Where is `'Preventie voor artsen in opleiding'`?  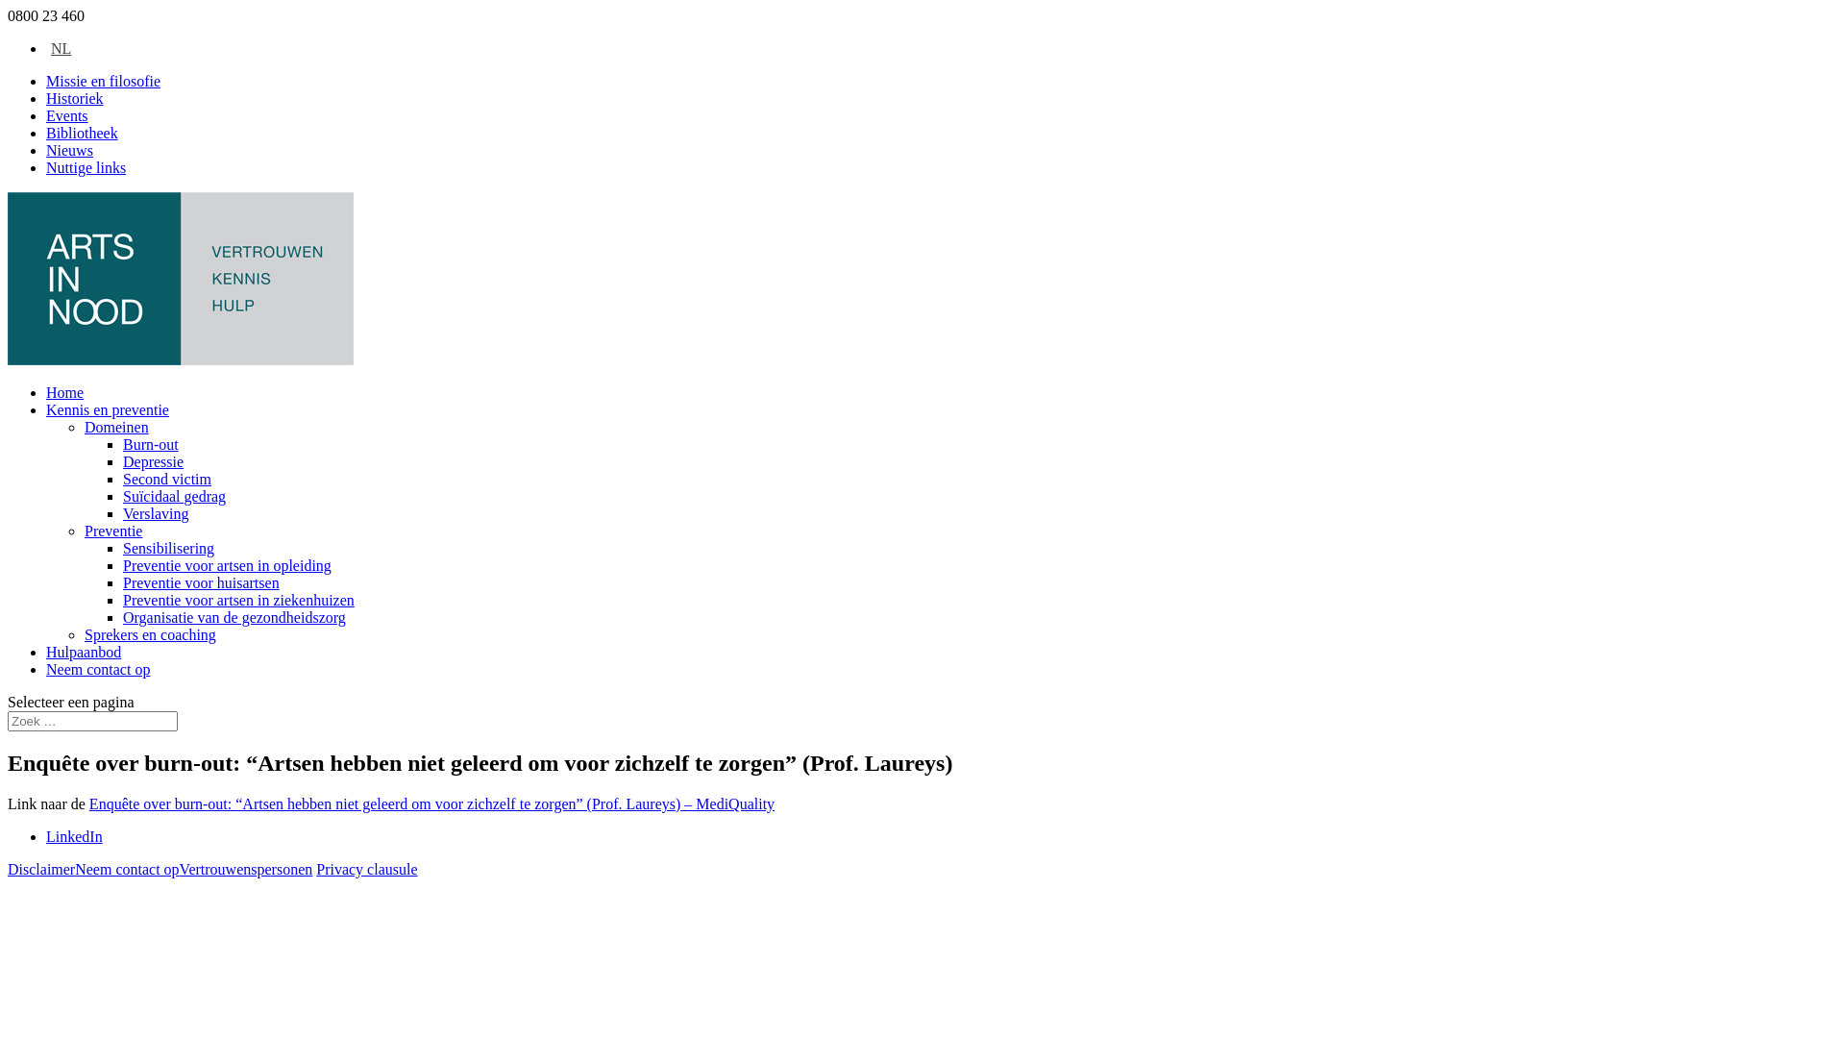 'Preventie voor artsen in opleiding' is located at coordinates (227, 564).